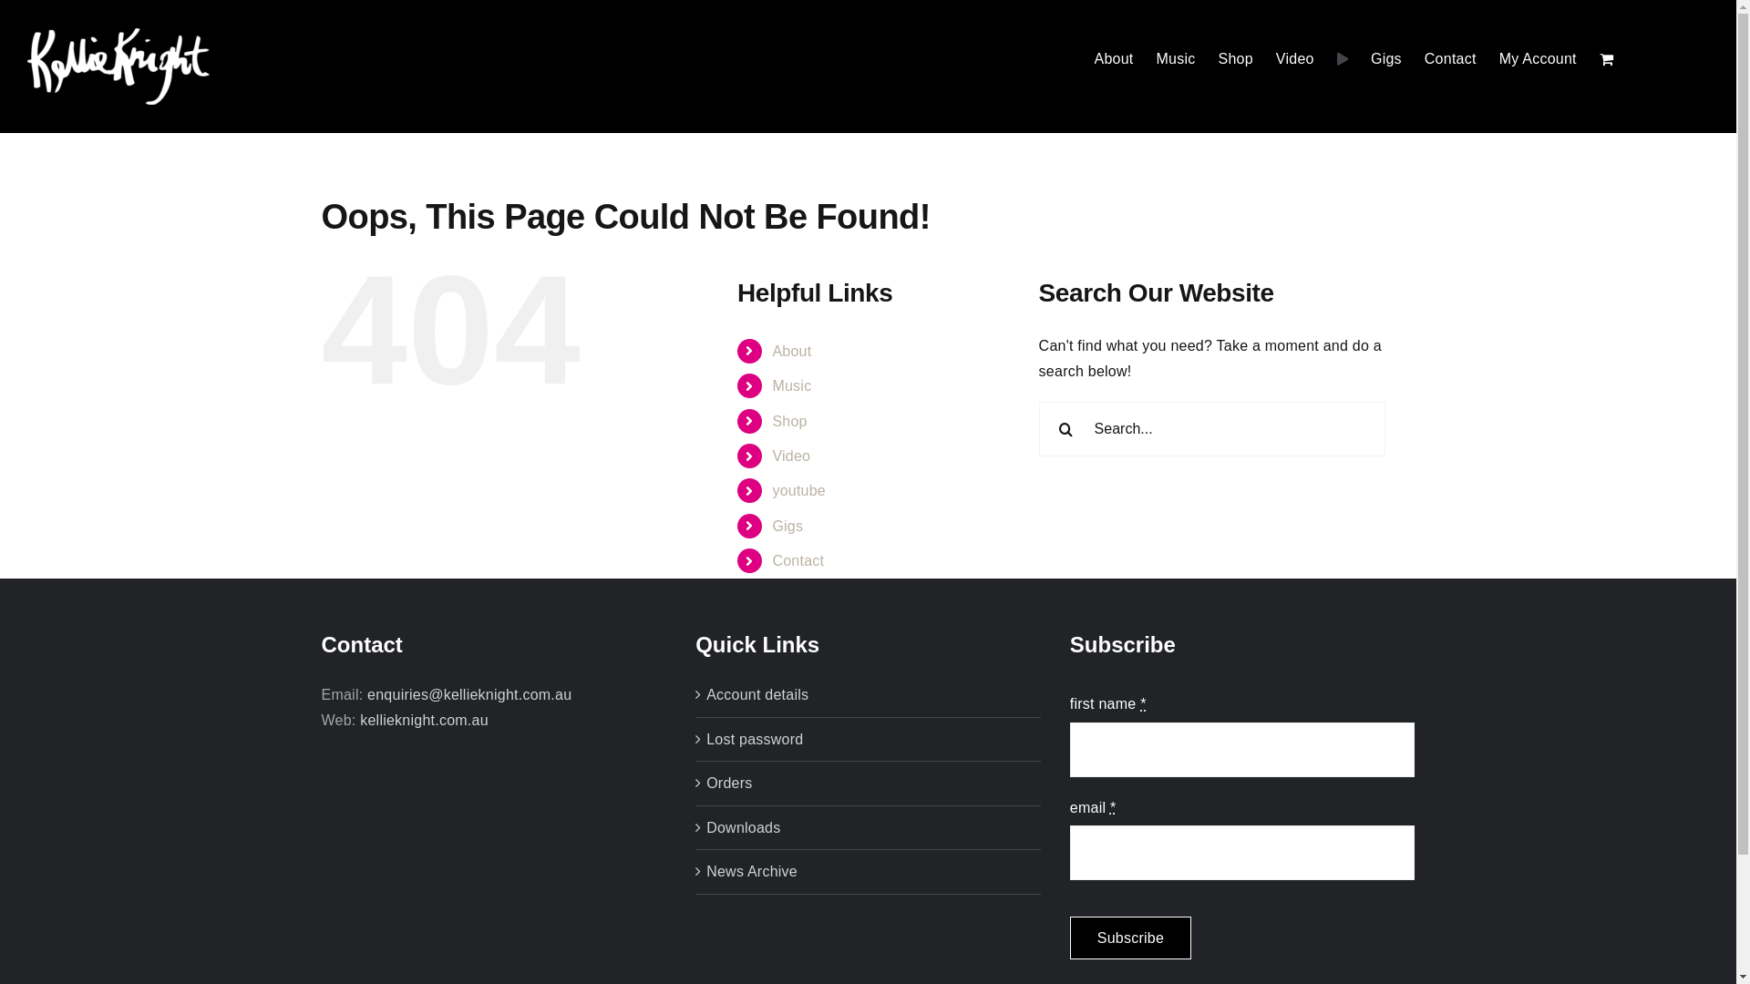 The image size is (1750, 984). I want to click on 'About', so click(791, 351).